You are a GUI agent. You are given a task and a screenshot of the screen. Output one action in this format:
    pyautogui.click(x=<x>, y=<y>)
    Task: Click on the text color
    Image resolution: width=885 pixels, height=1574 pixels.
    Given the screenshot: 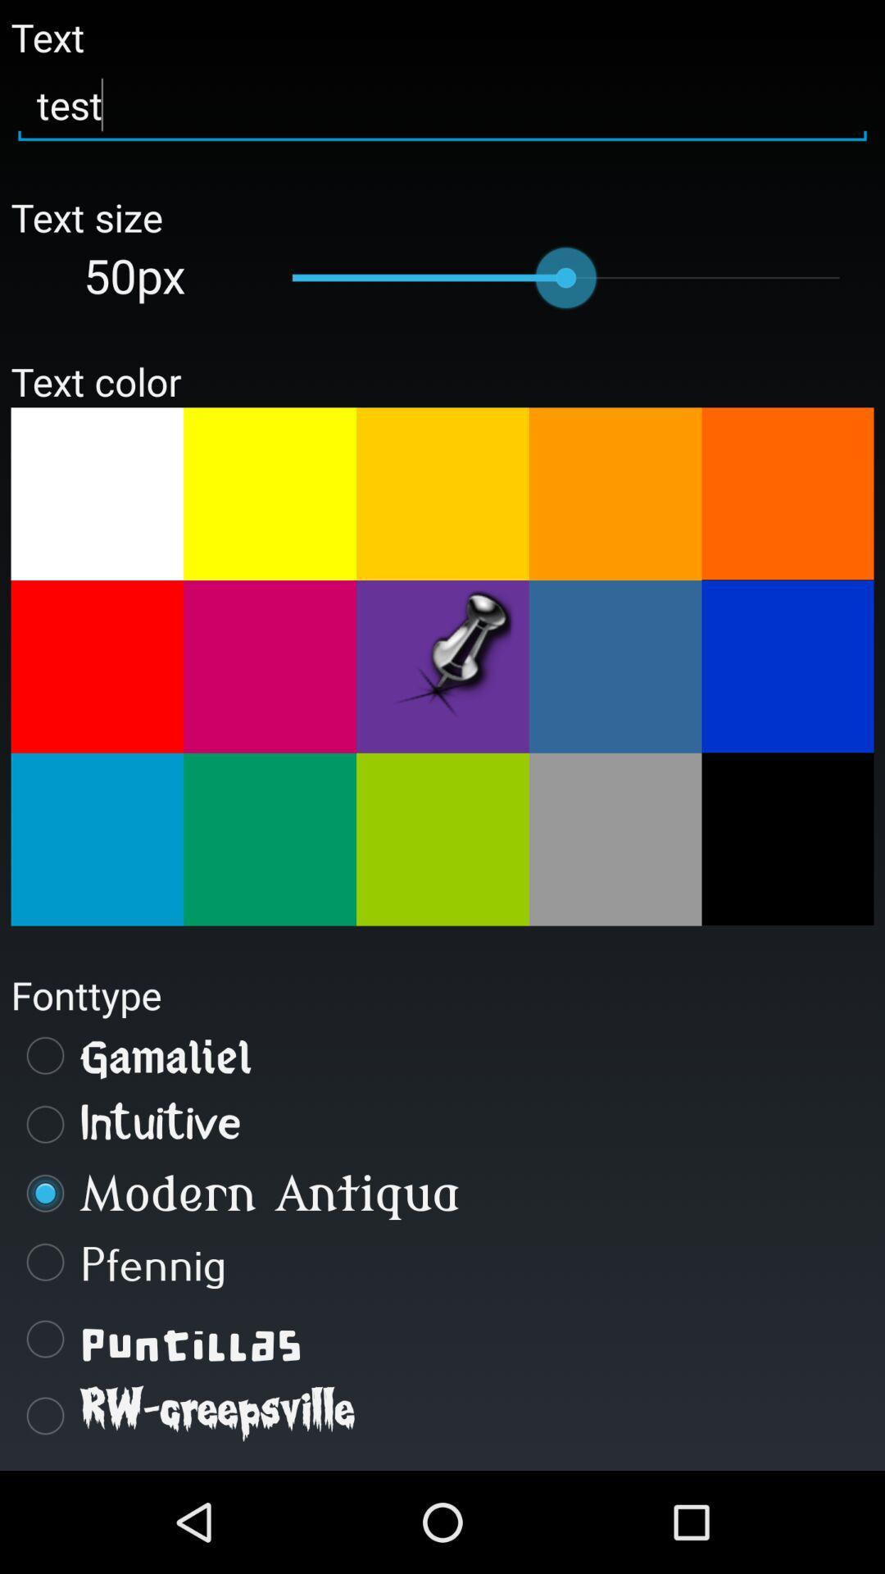 What is the action you would take?
    pyautogui.click(x=269, y=839)
    